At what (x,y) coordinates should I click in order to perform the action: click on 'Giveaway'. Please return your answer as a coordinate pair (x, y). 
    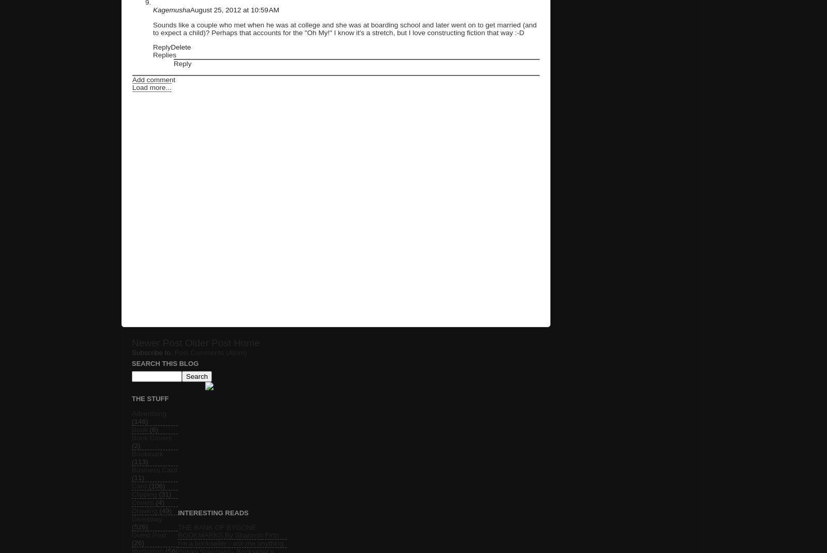
    Looking at the image, I should click on (132, 518).